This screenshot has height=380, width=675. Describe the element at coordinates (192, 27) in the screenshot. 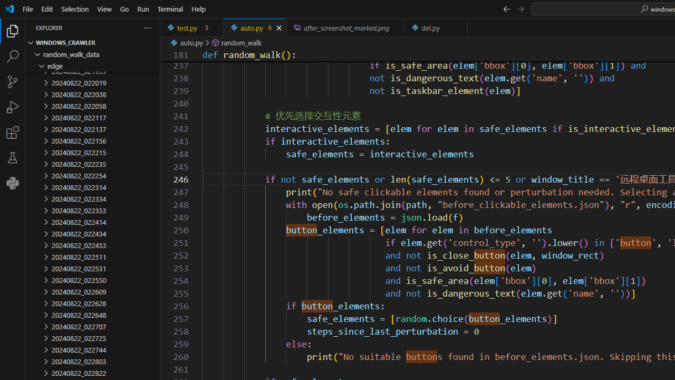

I see `'test.py'` at that location.